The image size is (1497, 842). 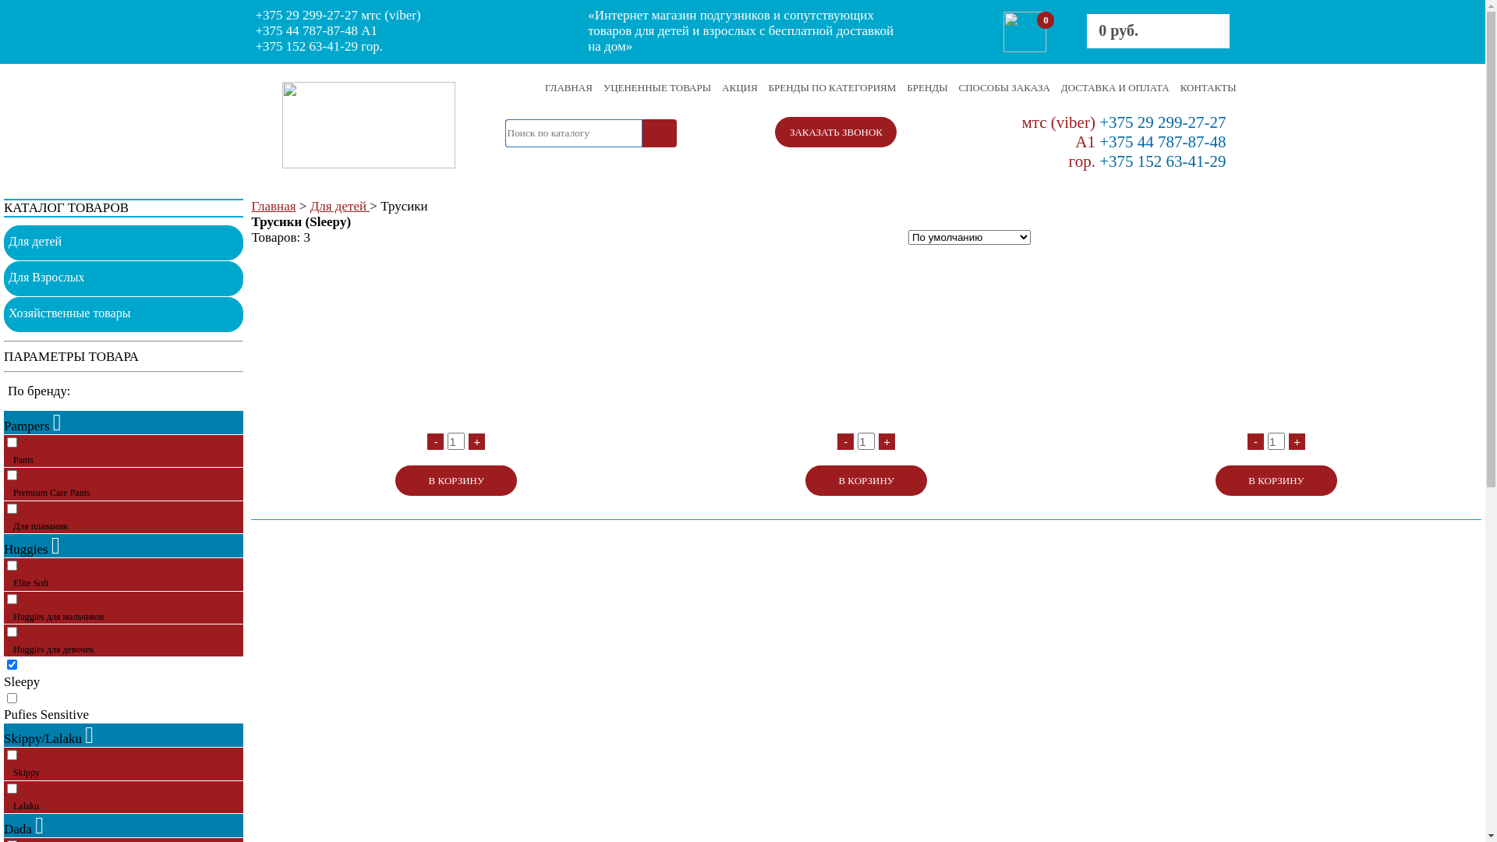 I want to click on 'A1 +375 44 787-87-48', so click(x=1150, y=141).